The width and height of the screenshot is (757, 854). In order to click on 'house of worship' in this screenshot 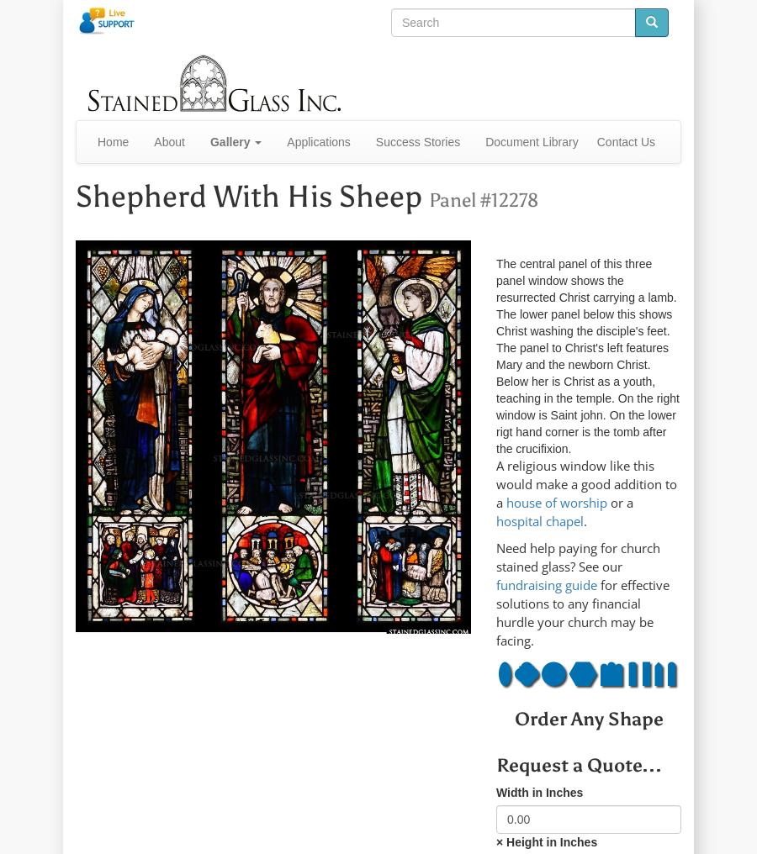, I will do `click(557, 503)`.